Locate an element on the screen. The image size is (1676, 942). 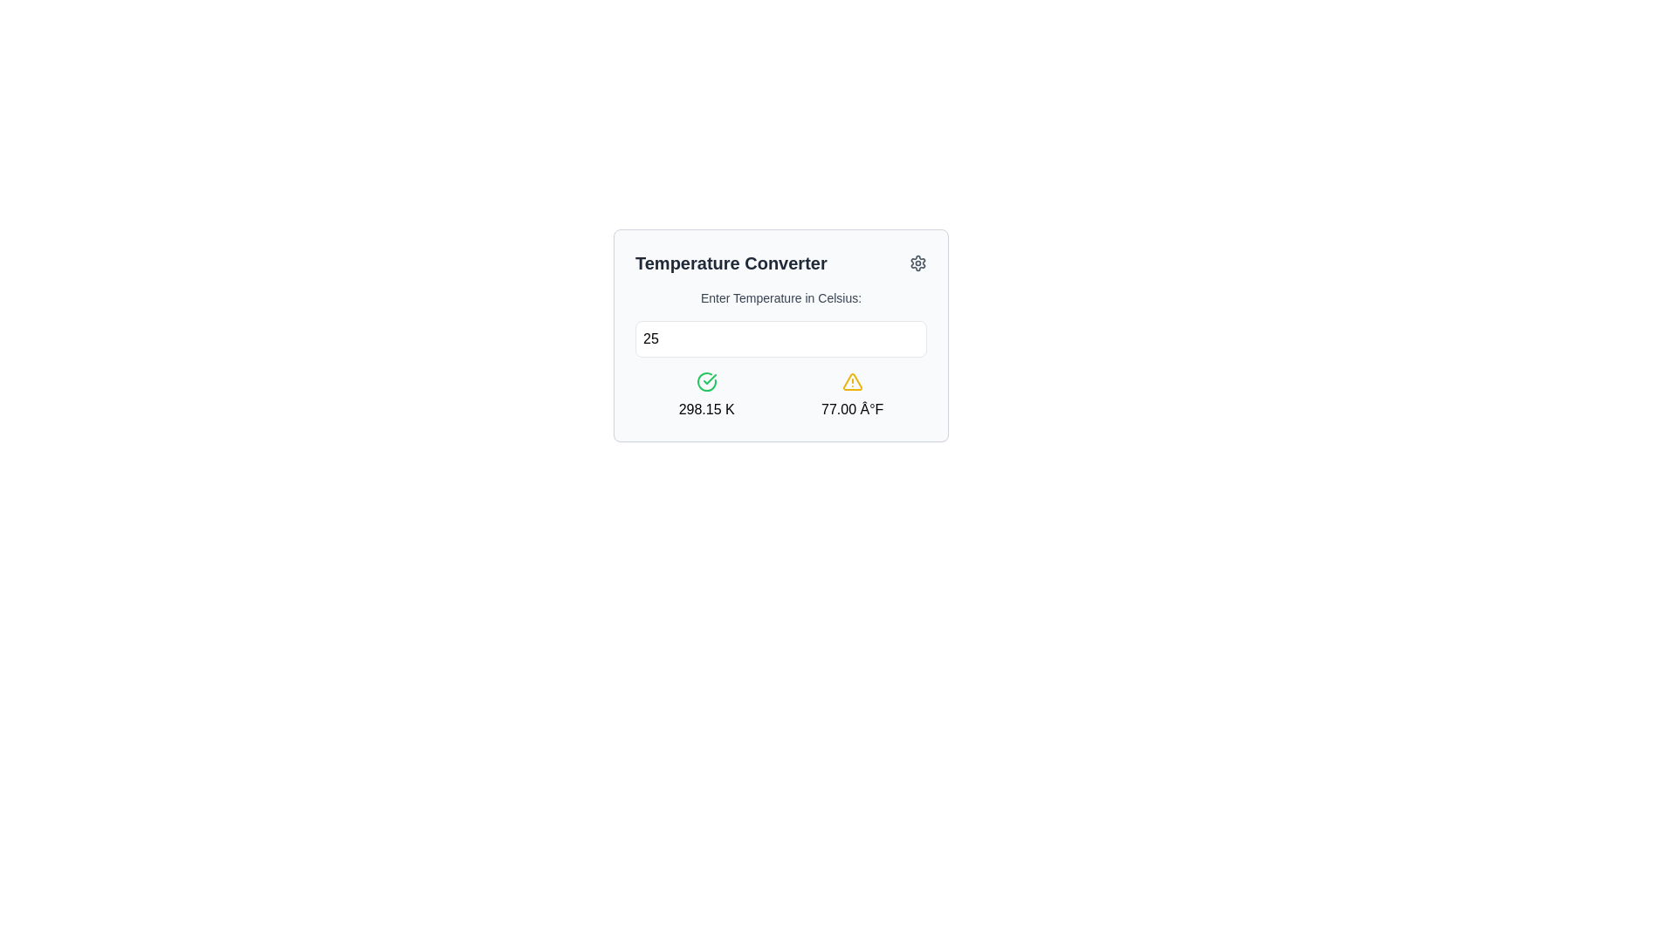
the informational display containing temperature values '298.15 K' and '77.00 °F' is located at coordinates (780, 396).